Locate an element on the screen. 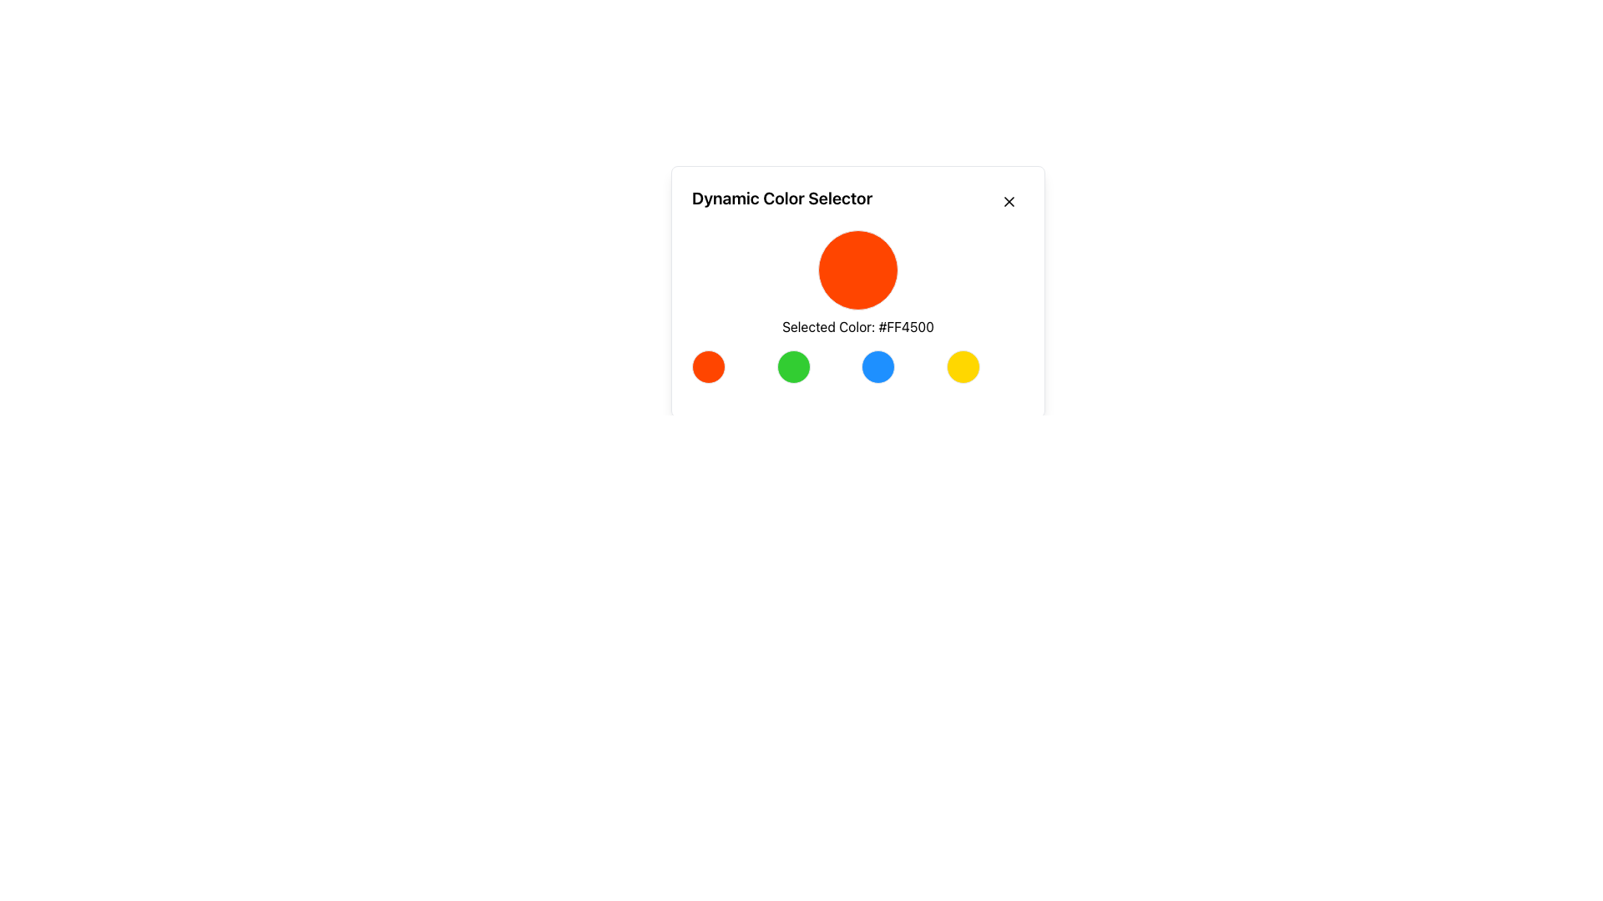 The image size is (1603, 901). the circular golden yellow button, which is the fourth button in the grid layout of the color selection interface is located at coordinates (963, 365).